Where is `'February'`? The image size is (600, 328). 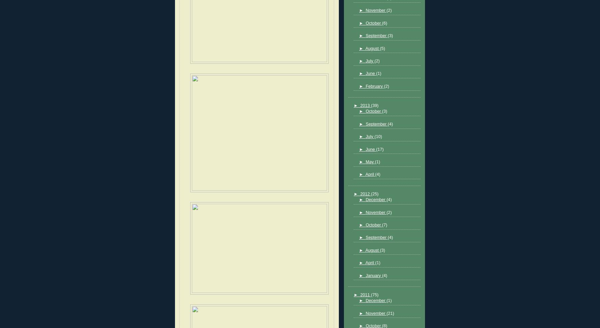
'February' is located at coordinates (365, 86).